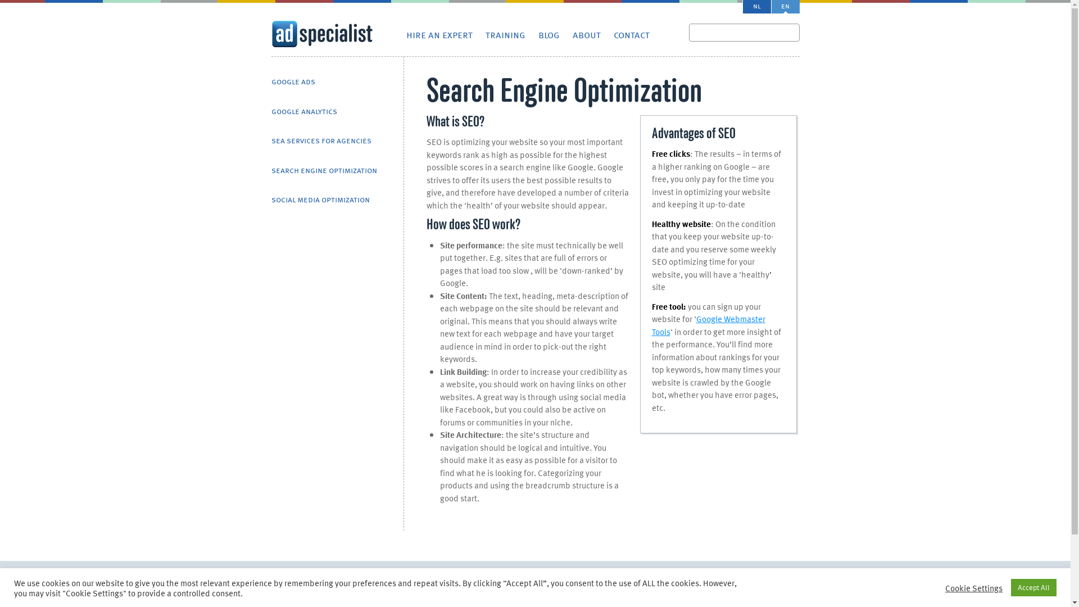 This screenshot has width=1079, height=607. What do you see at coordinates (270, 112) in the screenshot?
I see `'google analytics'` at bounding box center [270, 112].